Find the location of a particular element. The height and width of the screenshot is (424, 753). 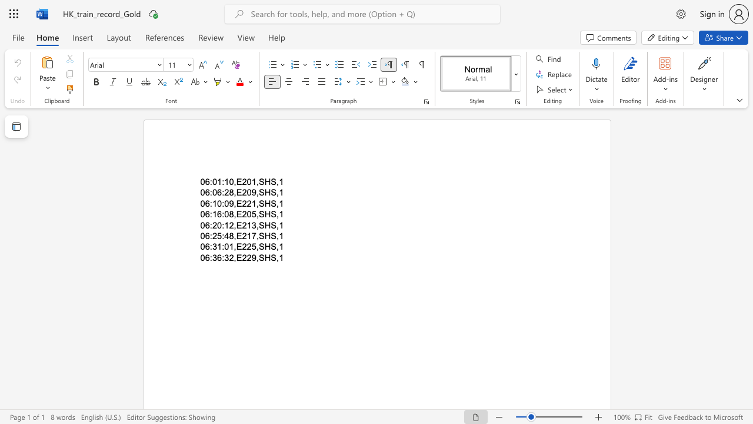

the 2th character "2" in the text is located at coordinates (231, 225).